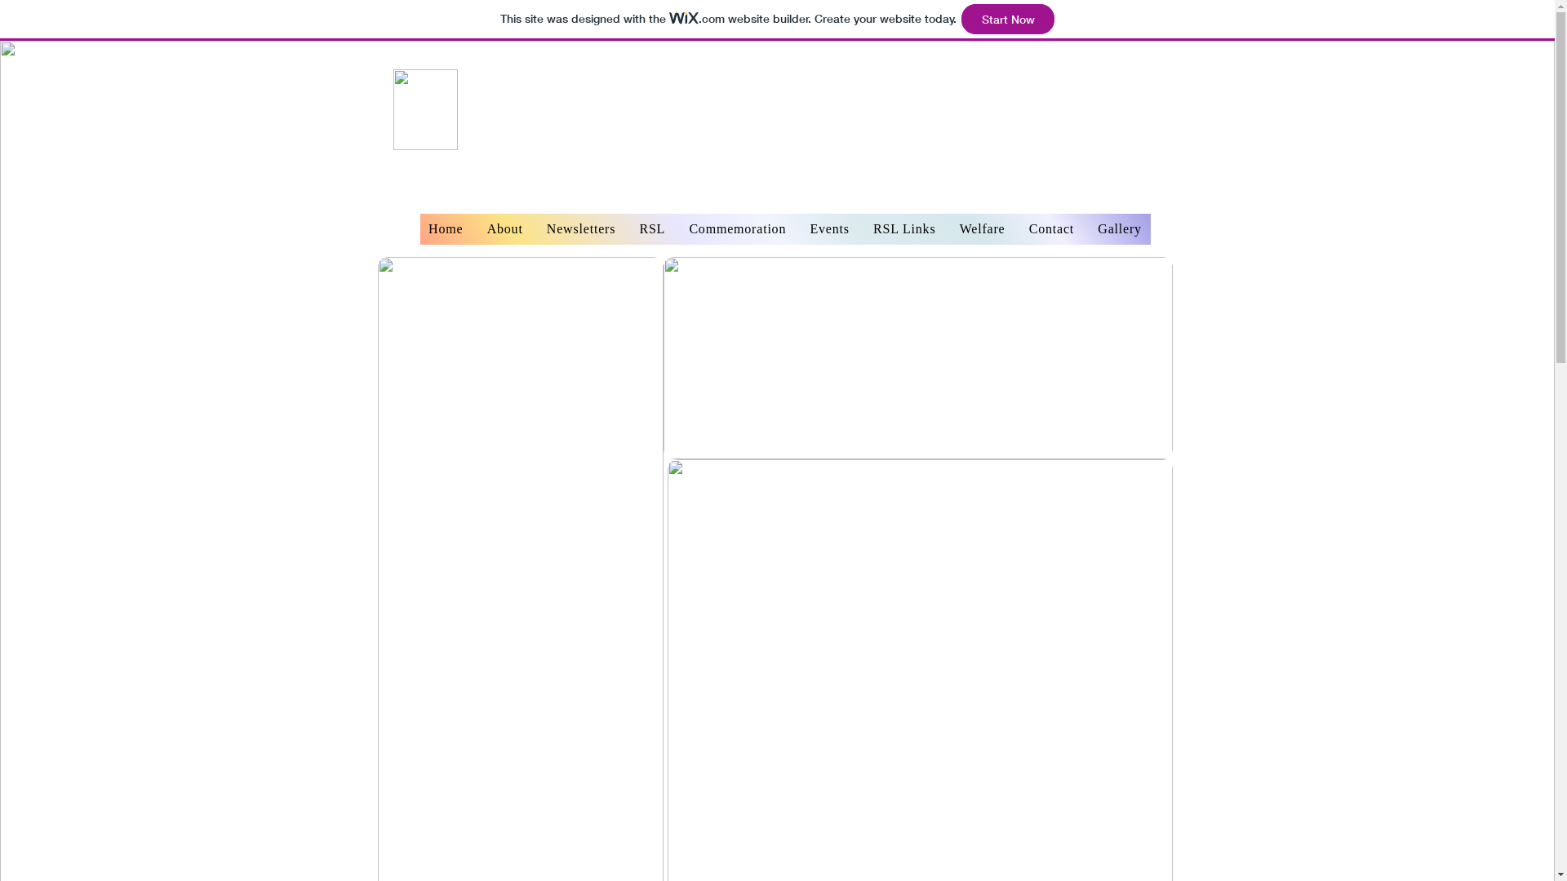 The width and height of the screenshot is (1567, 881). Describe the element at coordinates (580, 229) in the screenshot. I see `'Newsletters'` at that location.